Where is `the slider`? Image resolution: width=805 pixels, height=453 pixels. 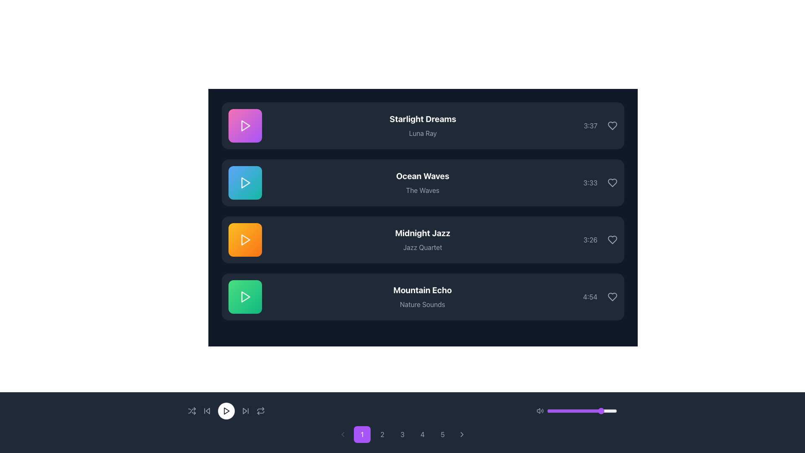
the slider is located at coordinates (598, 410).